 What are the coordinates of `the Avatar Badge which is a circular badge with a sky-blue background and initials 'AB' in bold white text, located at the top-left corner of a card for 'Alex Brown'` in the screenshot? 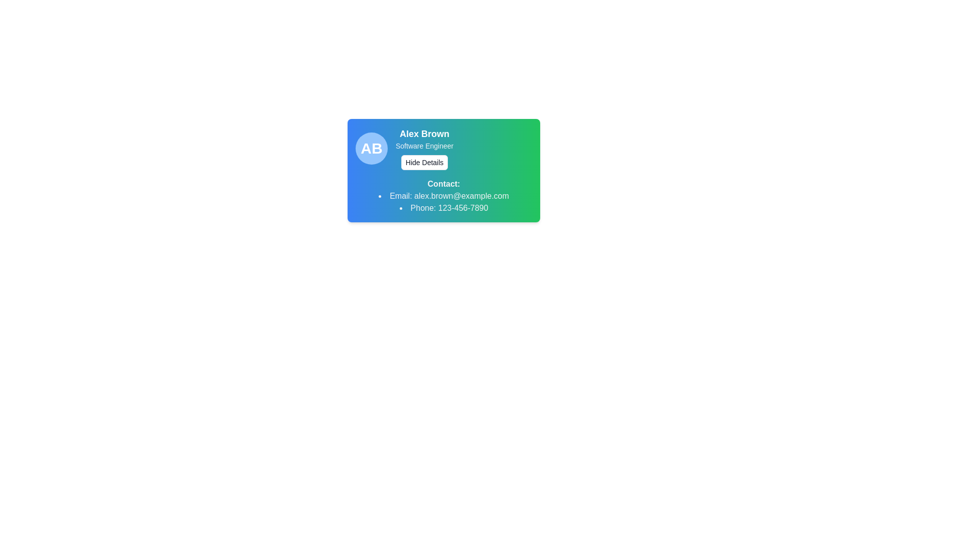 It's located at (371, 149).